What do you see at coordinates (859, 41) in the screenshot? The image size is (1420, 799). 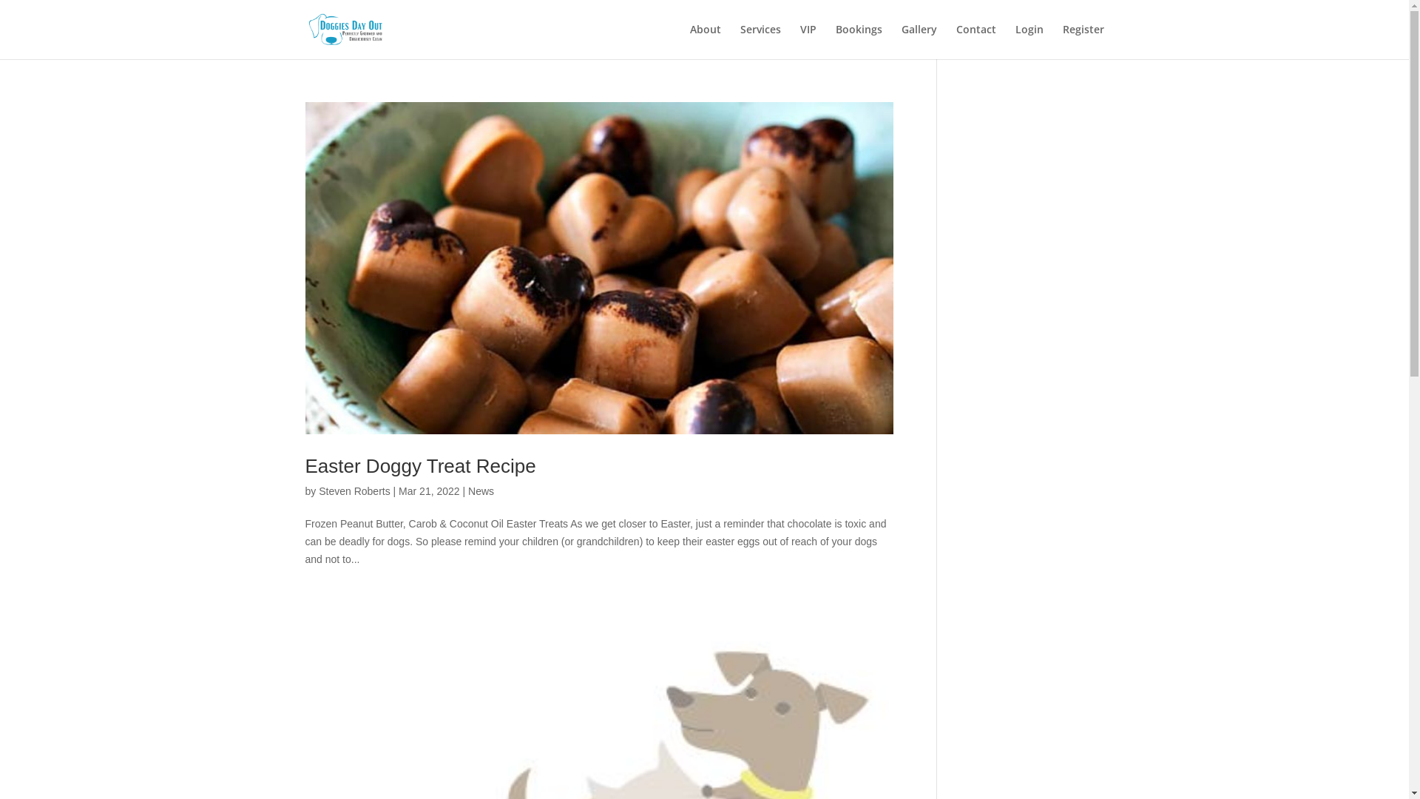 I see `'Bookings'` at bounding box center [859, 41].